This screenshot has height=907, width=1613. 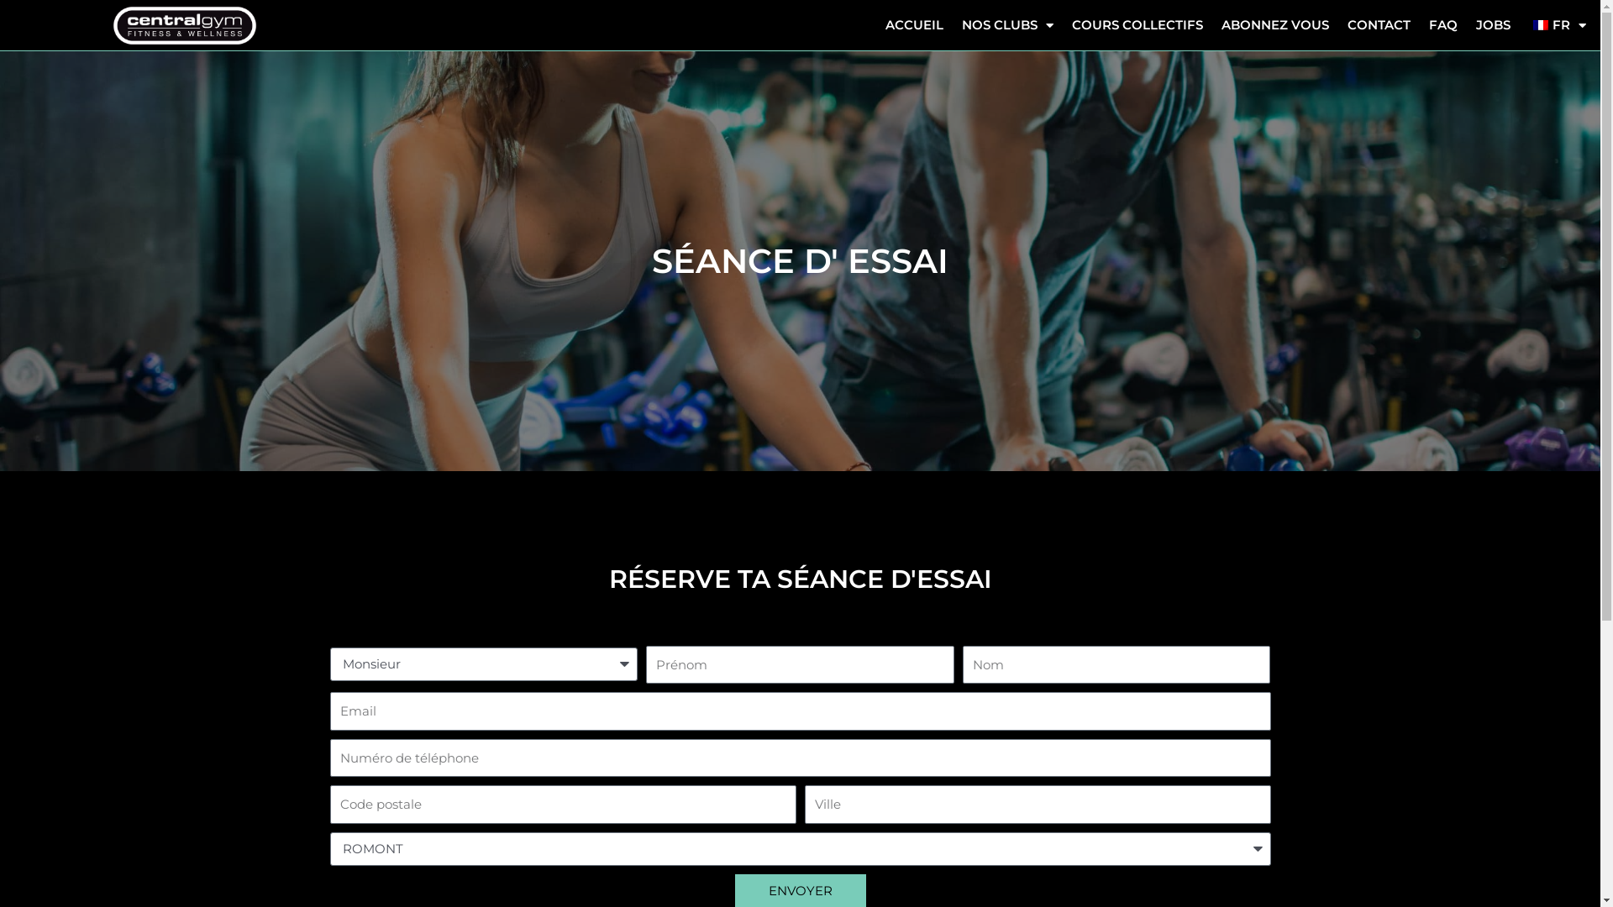 What do you see at coordinates (913, 25) in the screenshot?
I see `'ACCUEIL'` at bounding box center [913, 25].